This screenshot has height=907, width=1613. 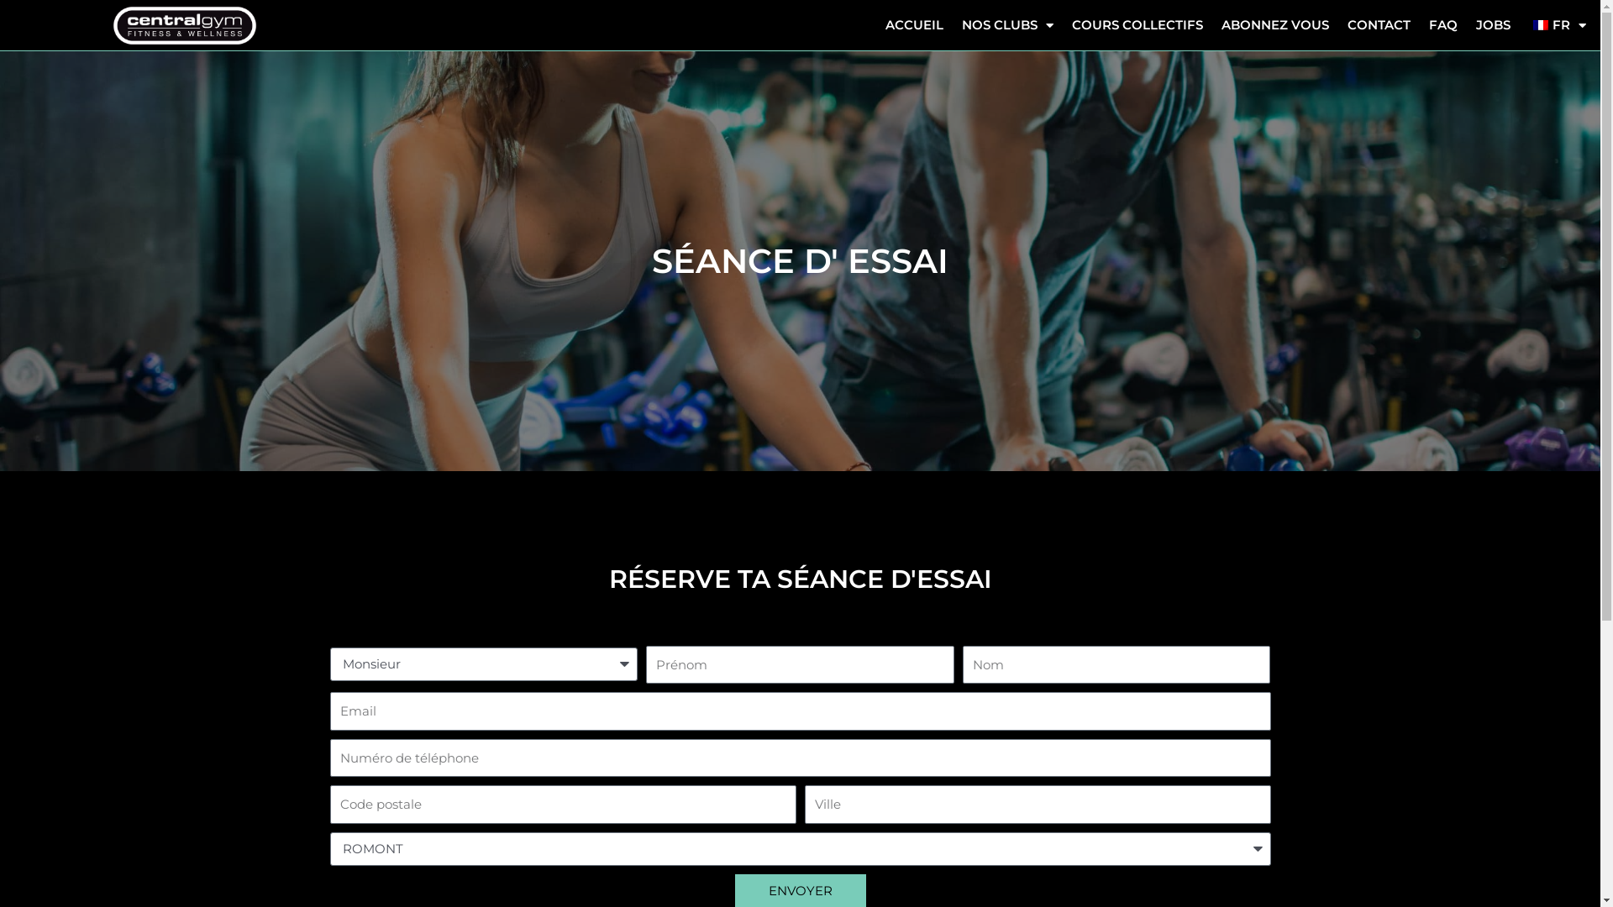 What do you see at coordinates (913, 25) in the screenshot?
I see `'ACCUEIL'` at bounding box center [913, 25].